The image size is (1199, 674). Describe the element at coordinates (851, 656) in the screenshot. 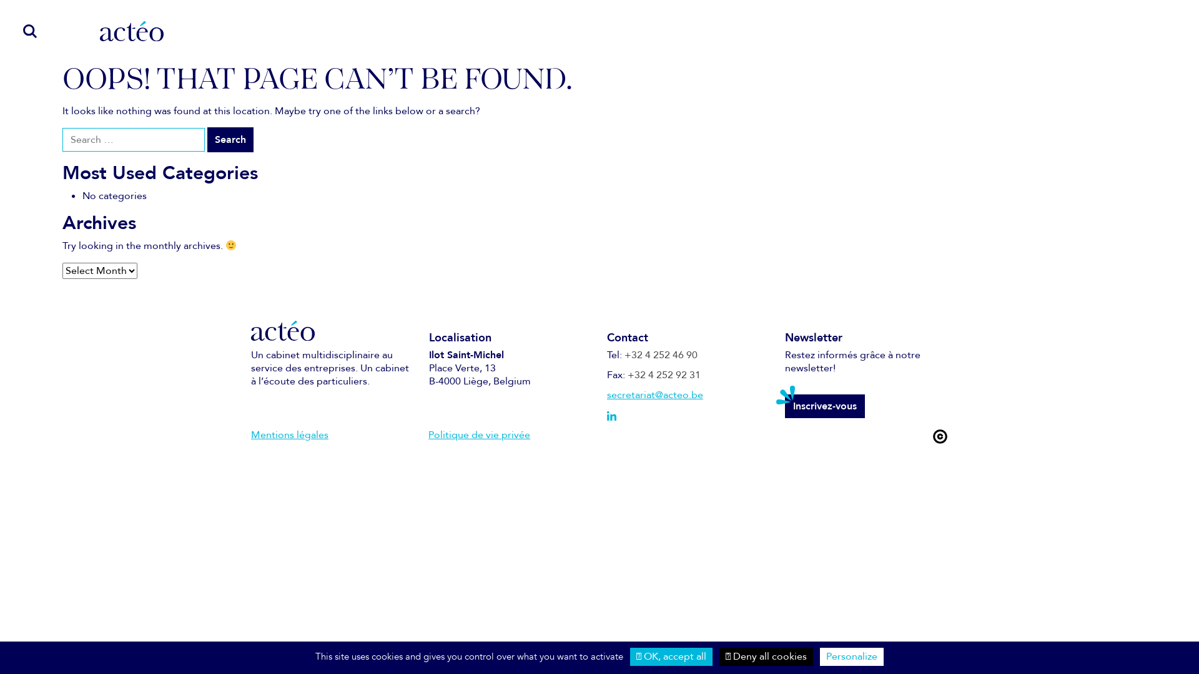

I see `'Personalize'` at that location.